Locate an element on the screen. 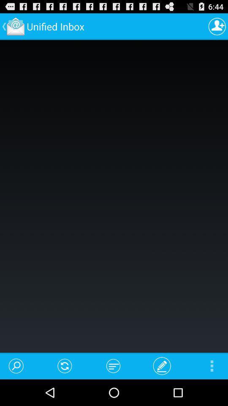  item at the top right corner is located at coordinates (217, 26).